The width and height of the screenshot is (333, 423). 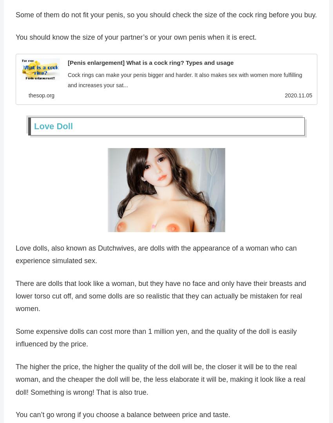 What do you see at coordinates (34, 127) in the screenshot?
I see `'Love Doll'` at bounding box center [34, 127].